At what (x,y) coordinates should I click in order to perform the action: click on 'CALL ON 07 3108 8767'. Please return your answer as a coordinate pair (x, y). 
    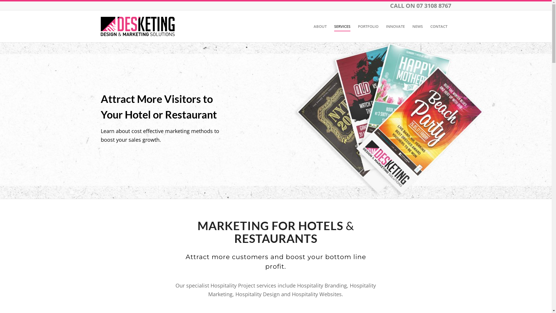
    Looking at the image, I should click on (389, 6).